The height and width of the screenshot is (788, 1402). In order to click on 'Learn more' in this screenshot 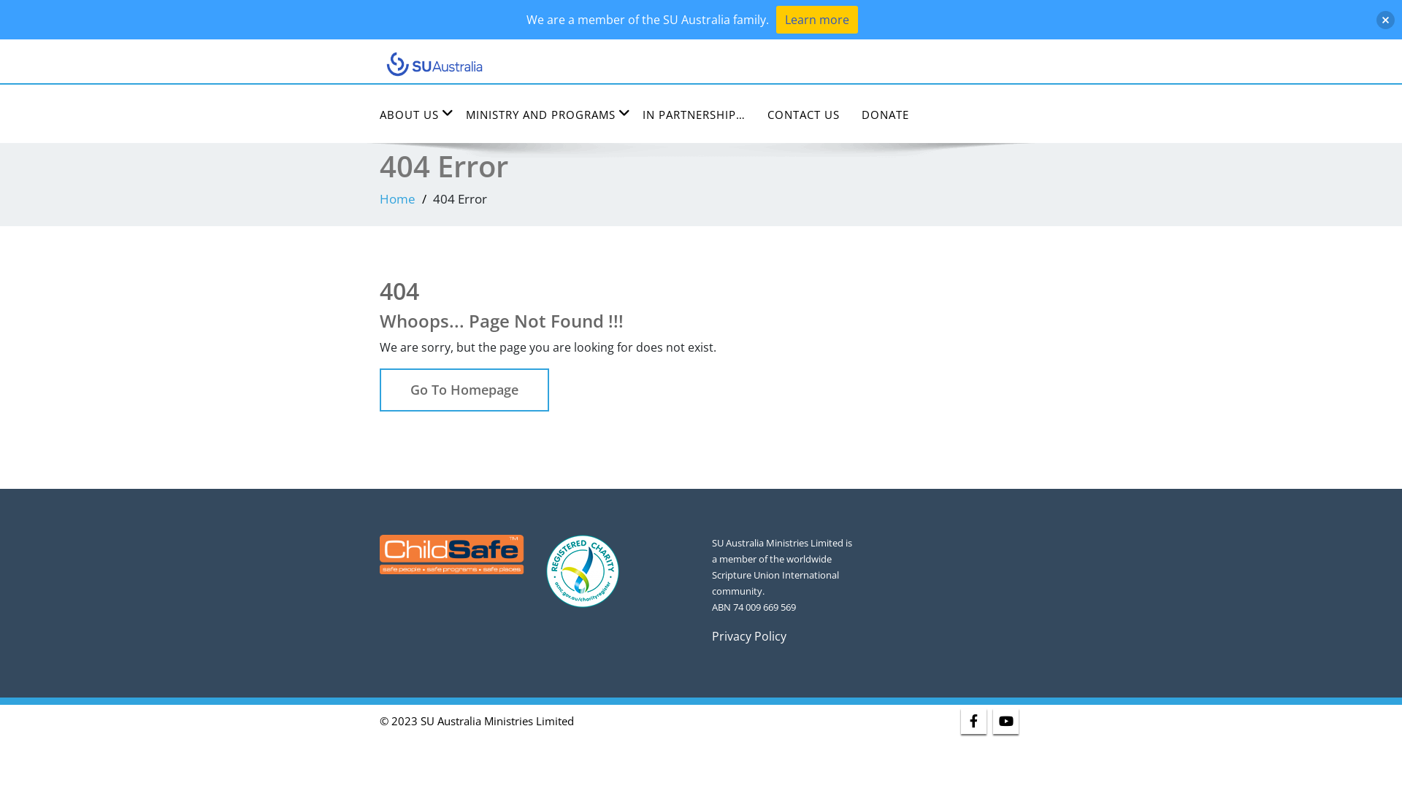, I will do `click(774, 20)`.